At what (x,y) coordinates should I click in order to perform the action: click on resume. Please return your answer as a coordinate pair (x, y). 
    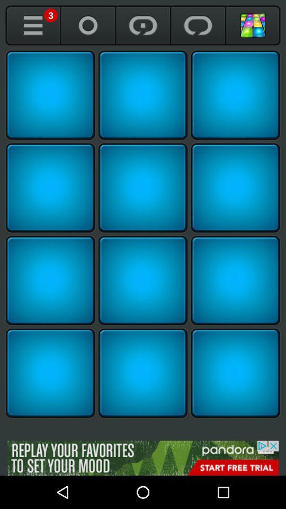
    Looking at the image, I should click on (198, 25).